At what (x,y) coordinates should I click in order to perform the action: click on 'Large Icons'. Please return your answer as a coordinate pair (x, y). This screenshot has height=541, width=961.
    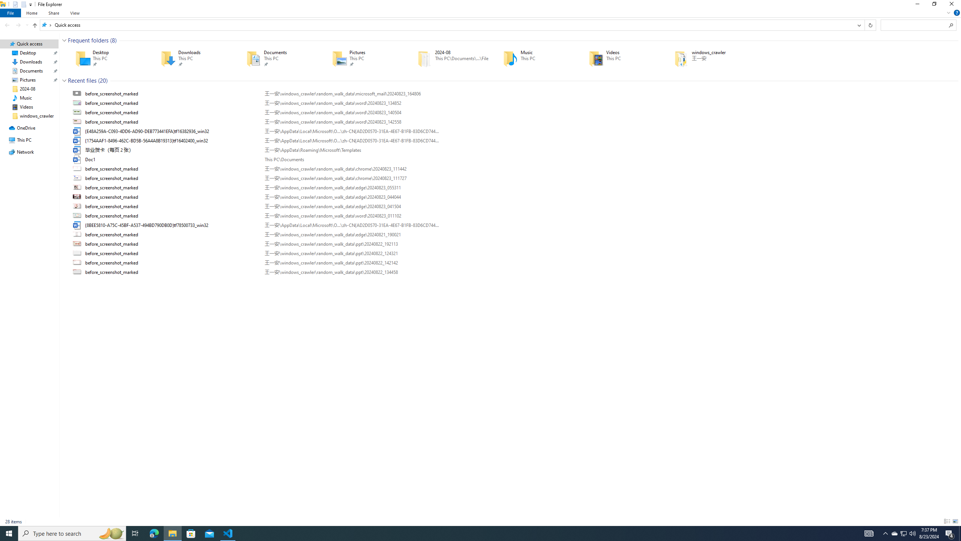
    Looking at the image, I should click on (955, 521).